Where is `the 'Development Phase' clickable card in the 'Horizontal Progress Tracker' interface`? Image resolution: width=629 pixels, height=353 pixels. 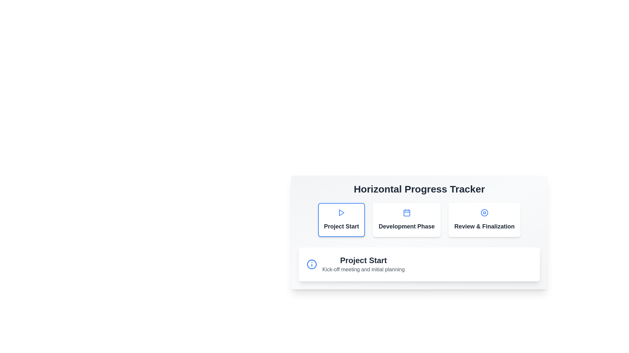
the 'Development Phase' clickable card in the 'Horizontal Progress Tracker' interface is located at coordinates (419, 220).